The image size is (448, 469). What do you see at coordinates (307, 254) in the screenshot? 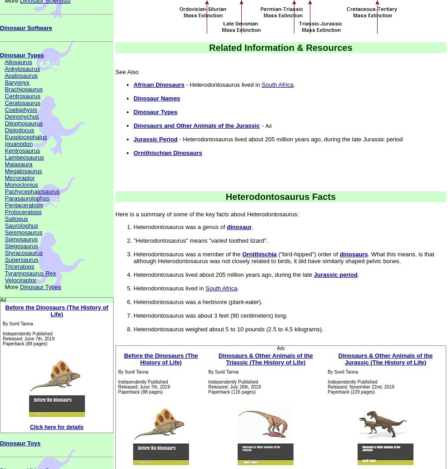
I see `'("bird-hipped") order of'` at bounding box center [307, 254].